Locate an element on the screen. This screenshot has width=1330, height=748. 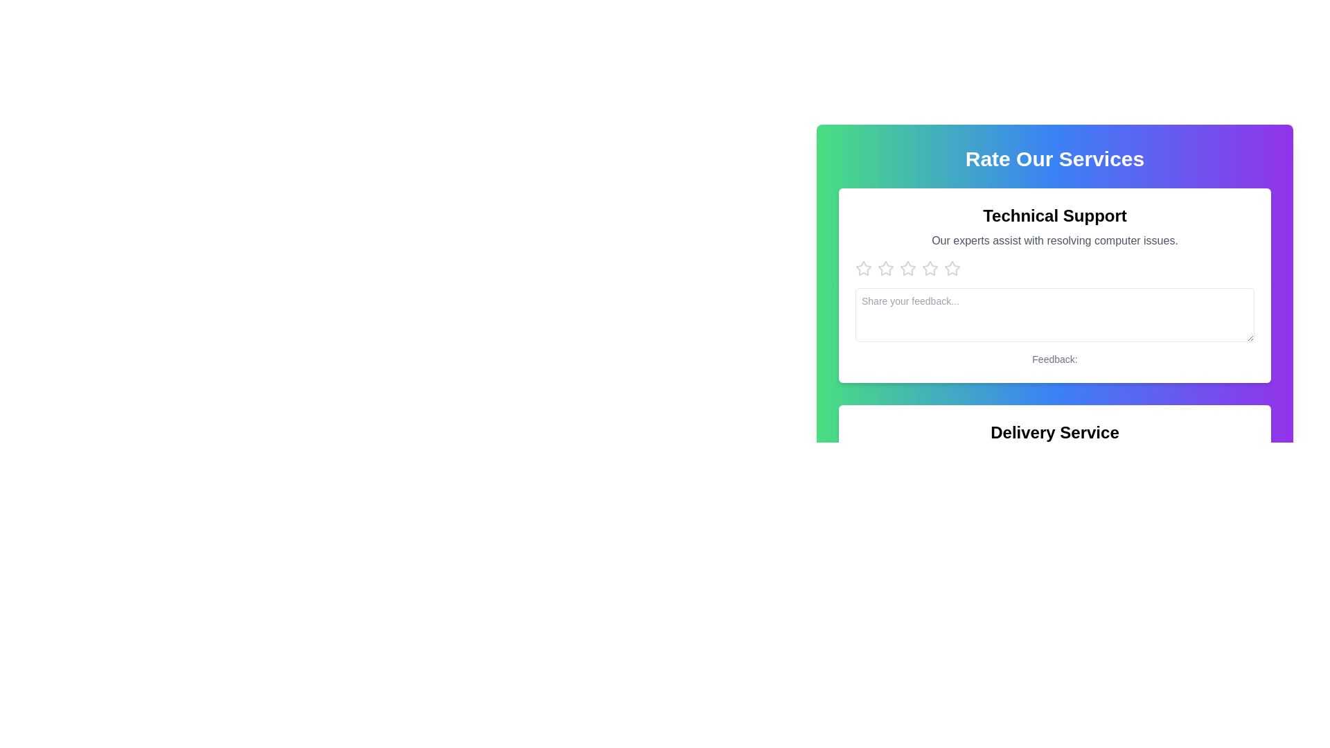
the second star icon in the 'Rate Our Services' section below the 'Technical Support' title is located at coordinates (907, 268).